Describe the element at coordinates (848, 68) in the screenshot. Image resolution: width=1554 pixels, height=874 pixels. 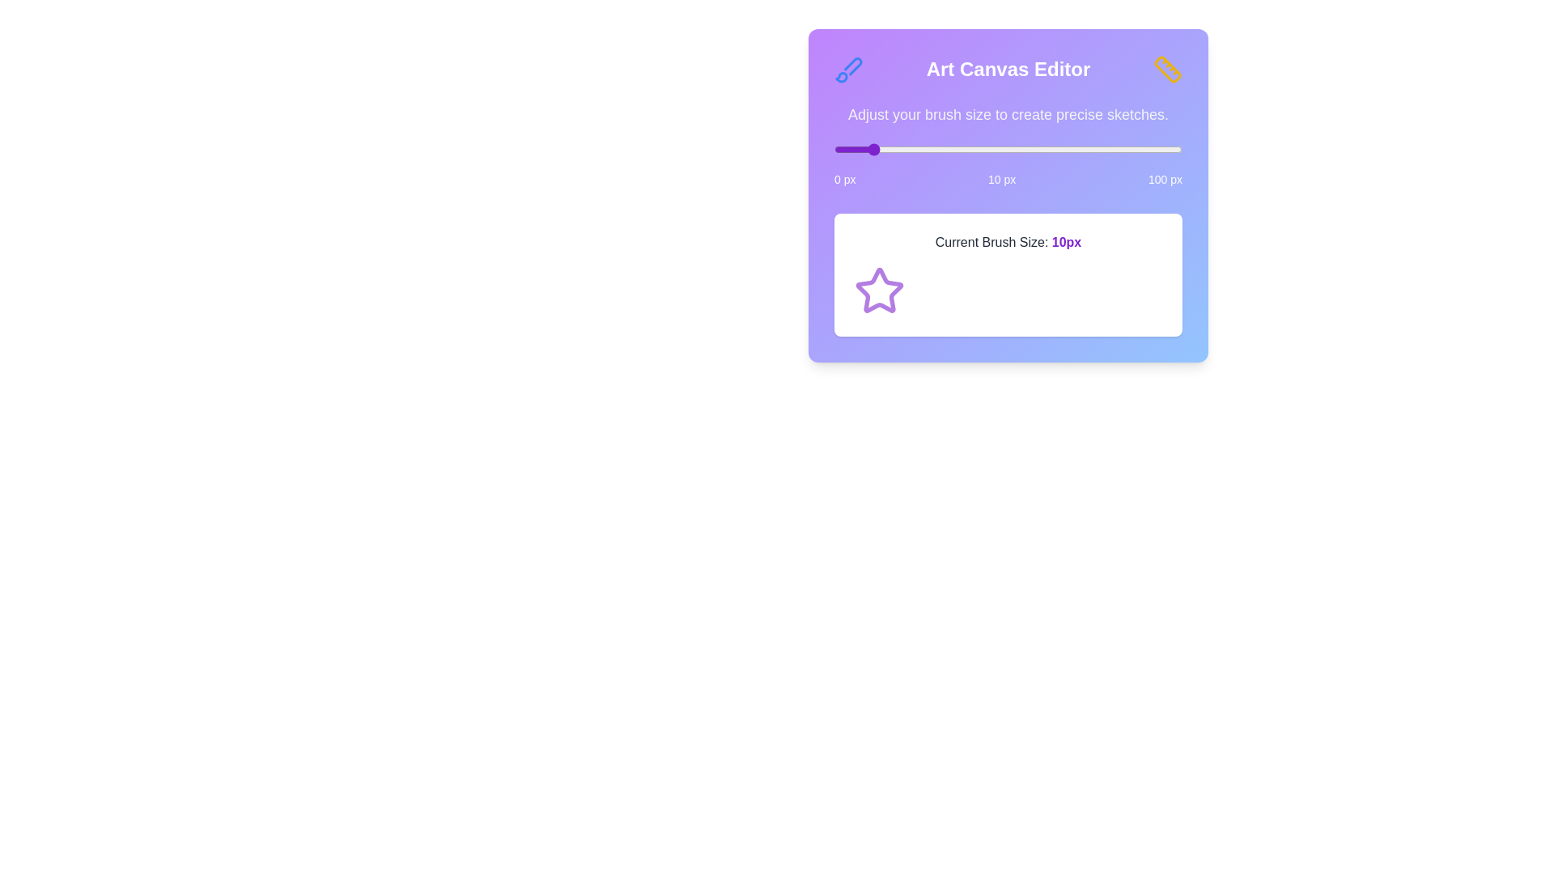
I see `the Brush icon to interact with it` at that location.